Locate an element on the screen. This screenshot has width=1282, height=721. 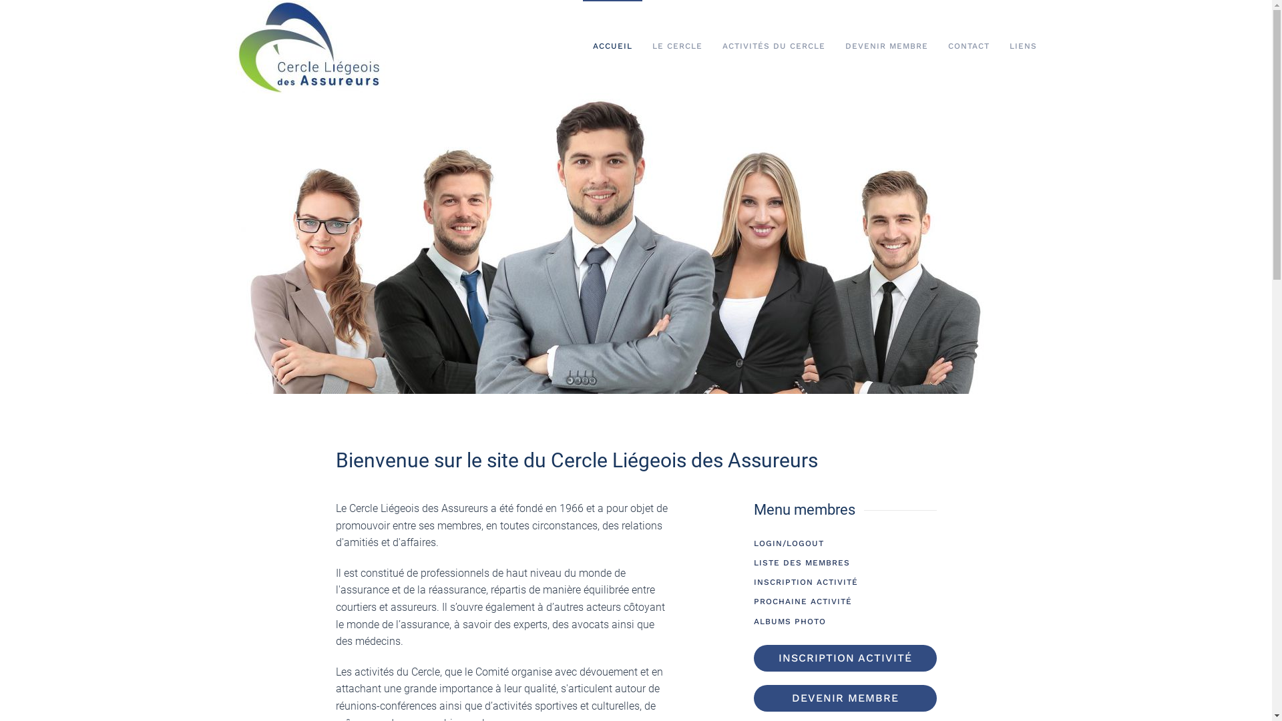
'LIENS' is located at coordinates (1022, 45).